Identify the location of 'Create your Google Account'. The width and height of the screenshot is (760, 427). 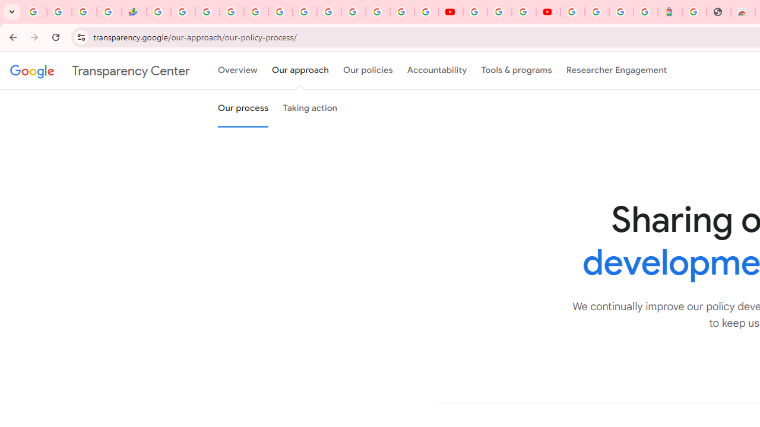
(522, 12).